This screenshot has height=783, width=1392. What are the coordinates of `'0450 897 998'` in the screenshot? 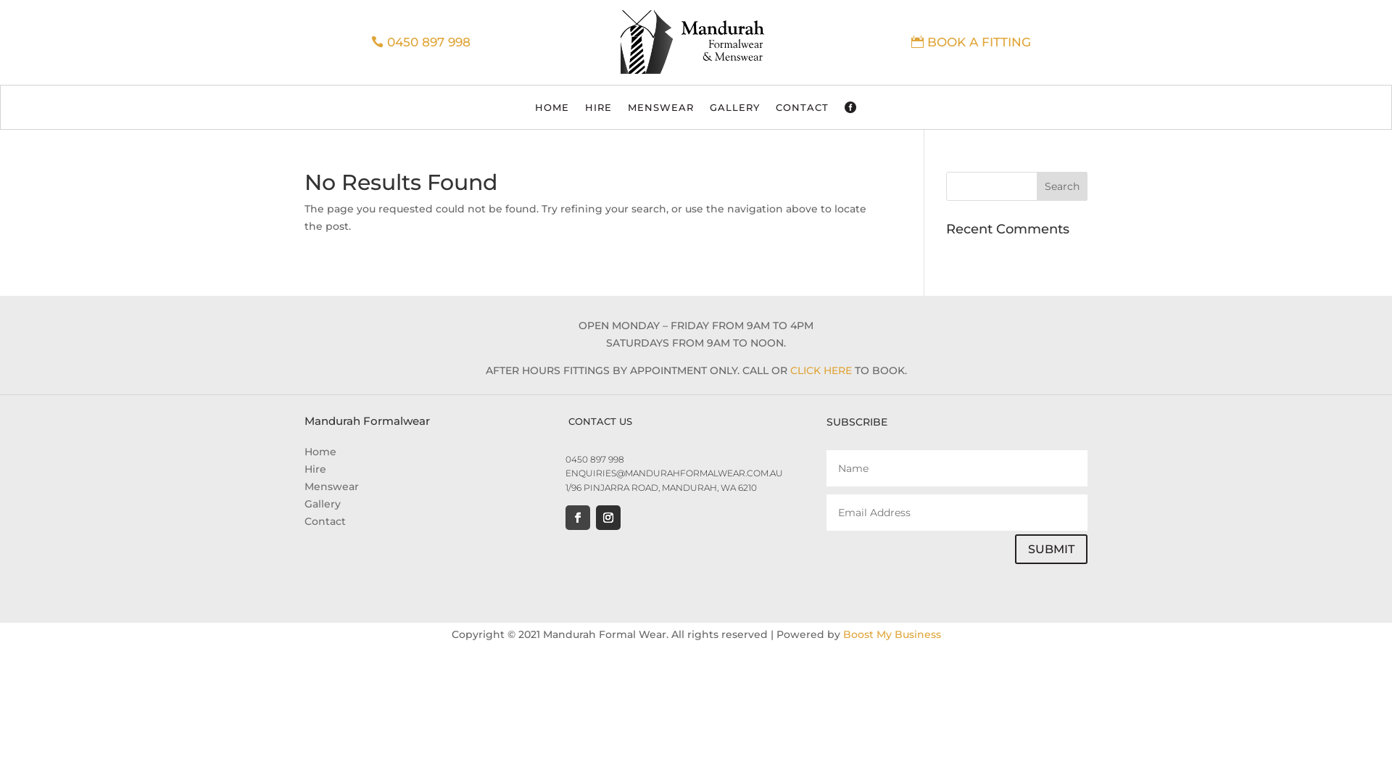 It's located at (594, 459).